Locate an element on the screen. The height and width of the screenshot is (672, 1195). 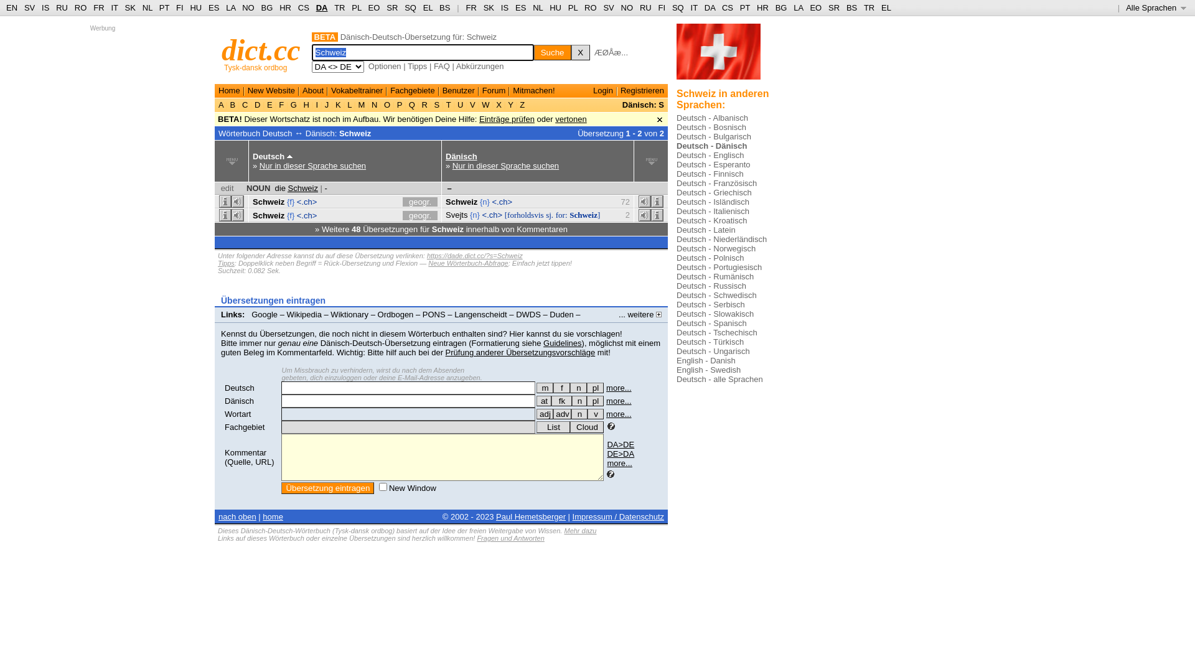
'English - Swedish' is located at coordinates (708, 369).